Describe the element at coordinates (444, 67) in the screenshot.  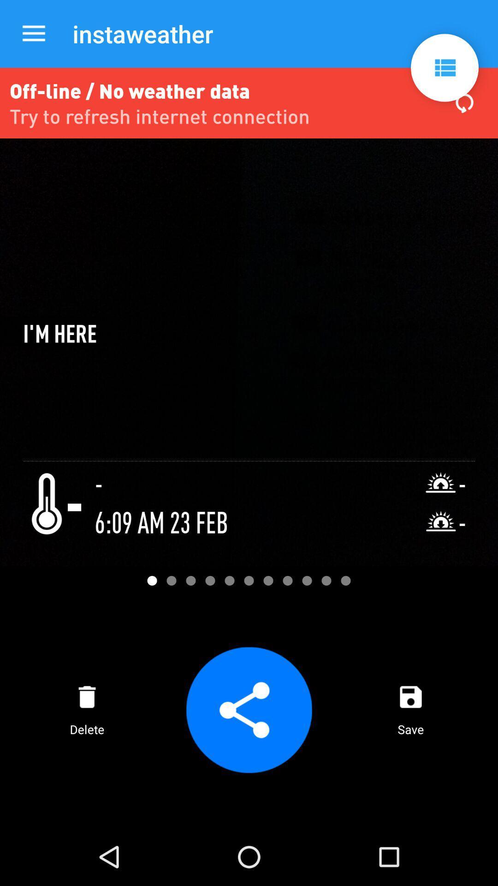
I see `the list icon` at that location.